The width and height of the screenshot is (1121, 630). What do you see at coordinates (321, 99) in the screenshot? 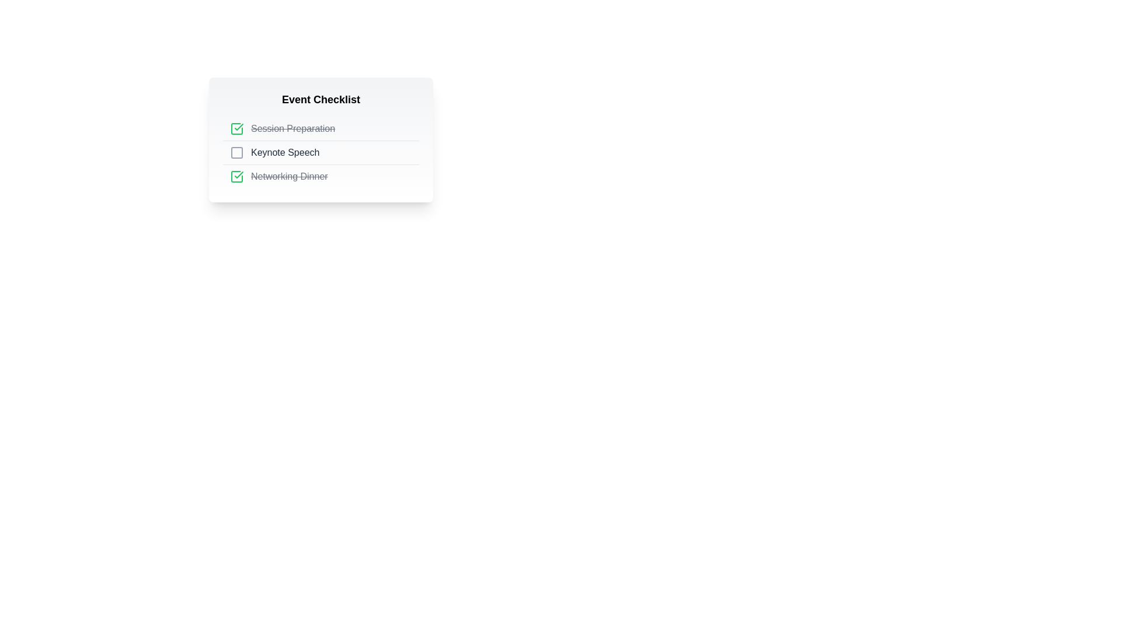
I see `the bold header text displaying 'Event Checklist' located at the top of the checklist-style component` at bounding box center [321, 99].